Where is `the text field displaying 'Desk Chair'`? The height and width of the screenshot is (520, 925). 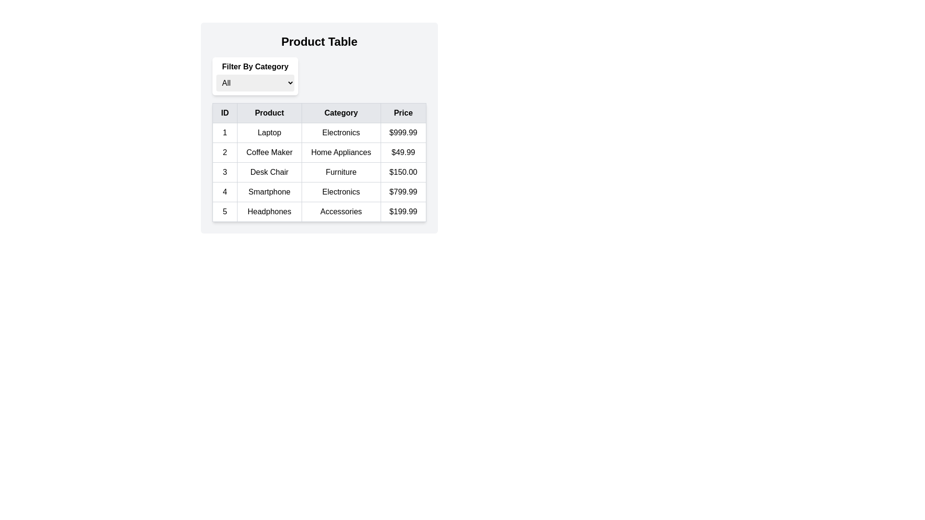 the text field displaying 'Desk Chair' is located at coordinates (269, 172).